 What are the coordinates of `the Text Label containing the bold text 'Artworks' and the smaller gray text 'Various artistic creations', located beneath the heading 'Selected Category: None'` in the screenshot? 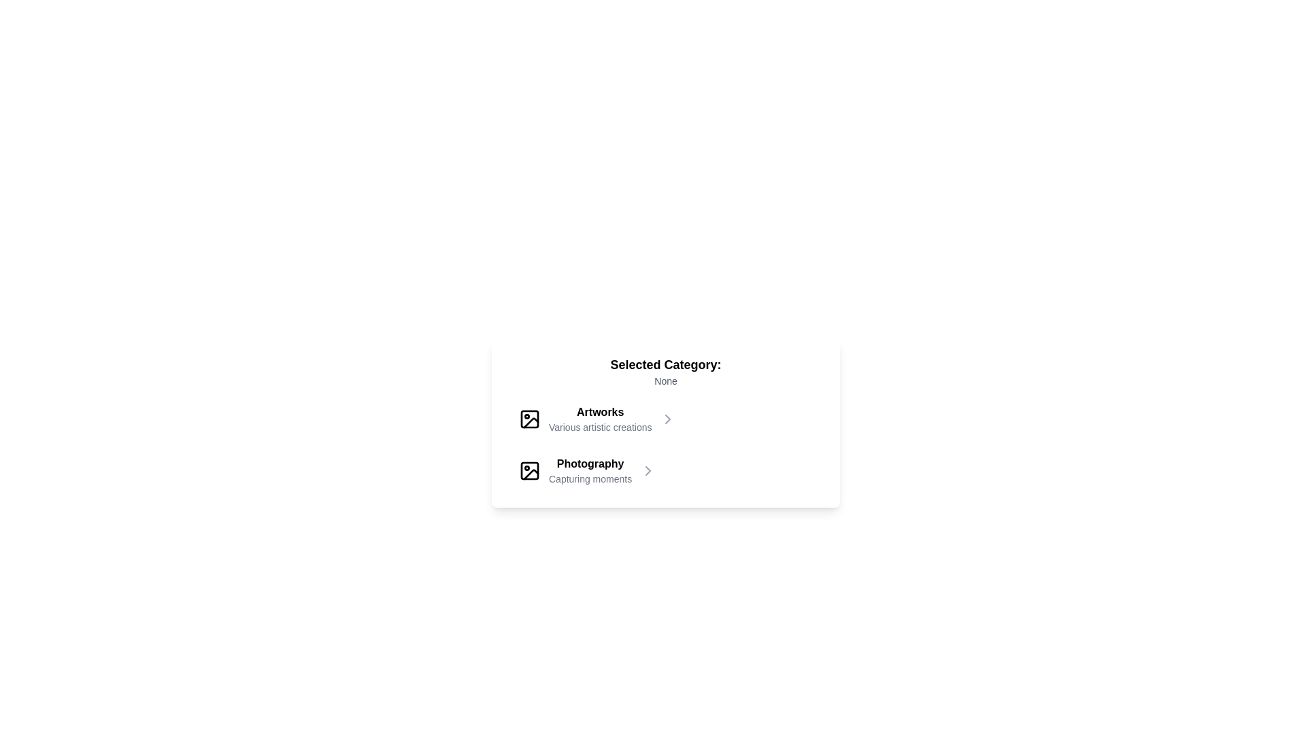 It's located at (599, 419).